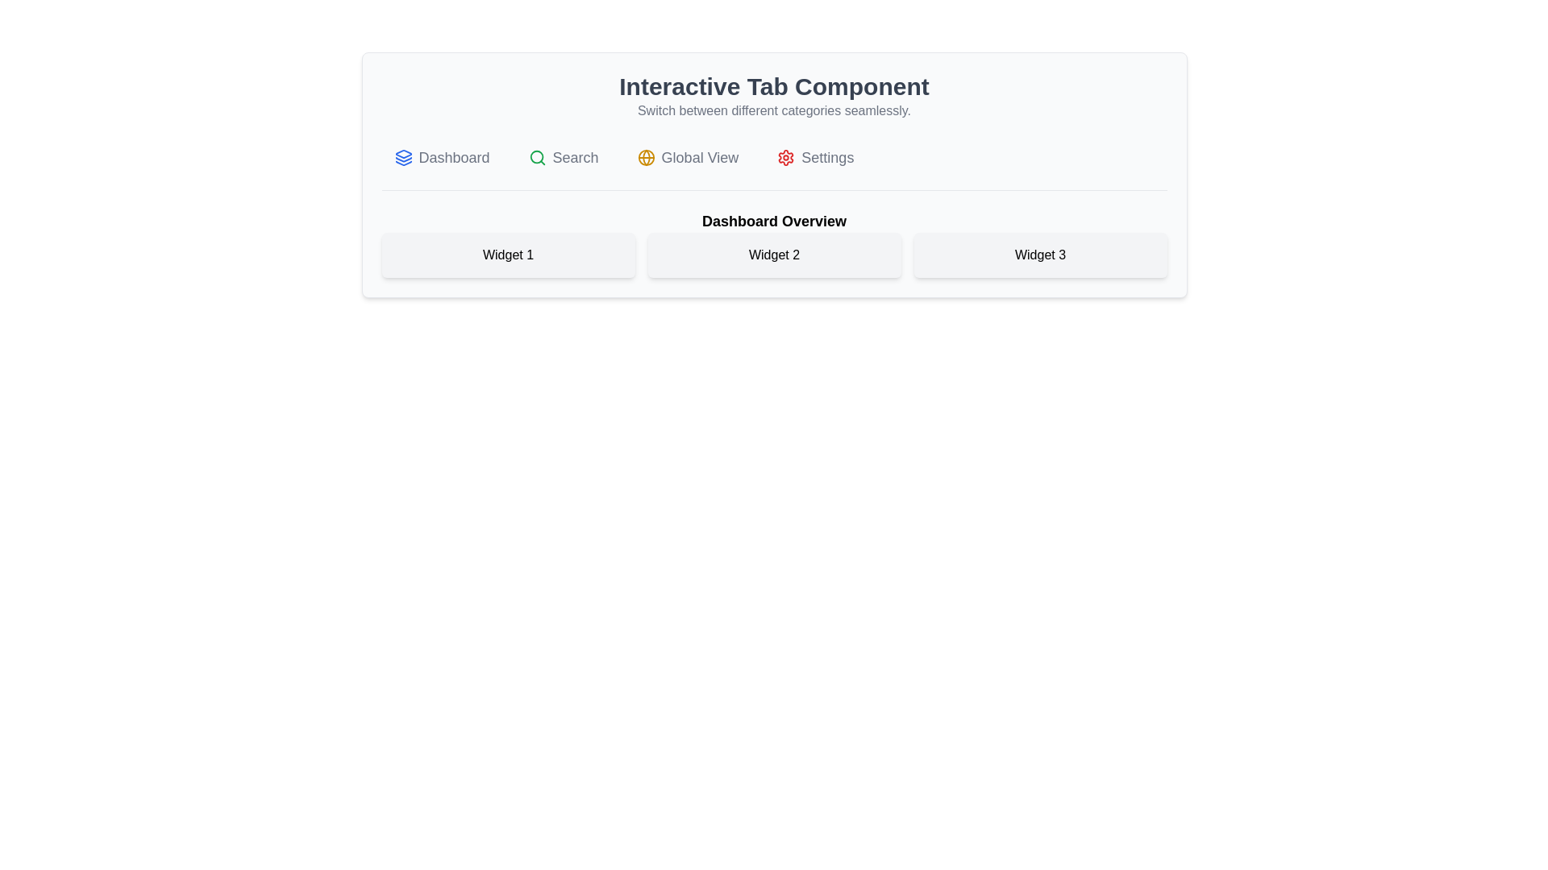 This screenshot has height=870, width=1548. What do you see at coordinates (564, 158) in the screenshot?
I see `the 'Search' button with a green circular search icon` at bounding box center [564, 158].